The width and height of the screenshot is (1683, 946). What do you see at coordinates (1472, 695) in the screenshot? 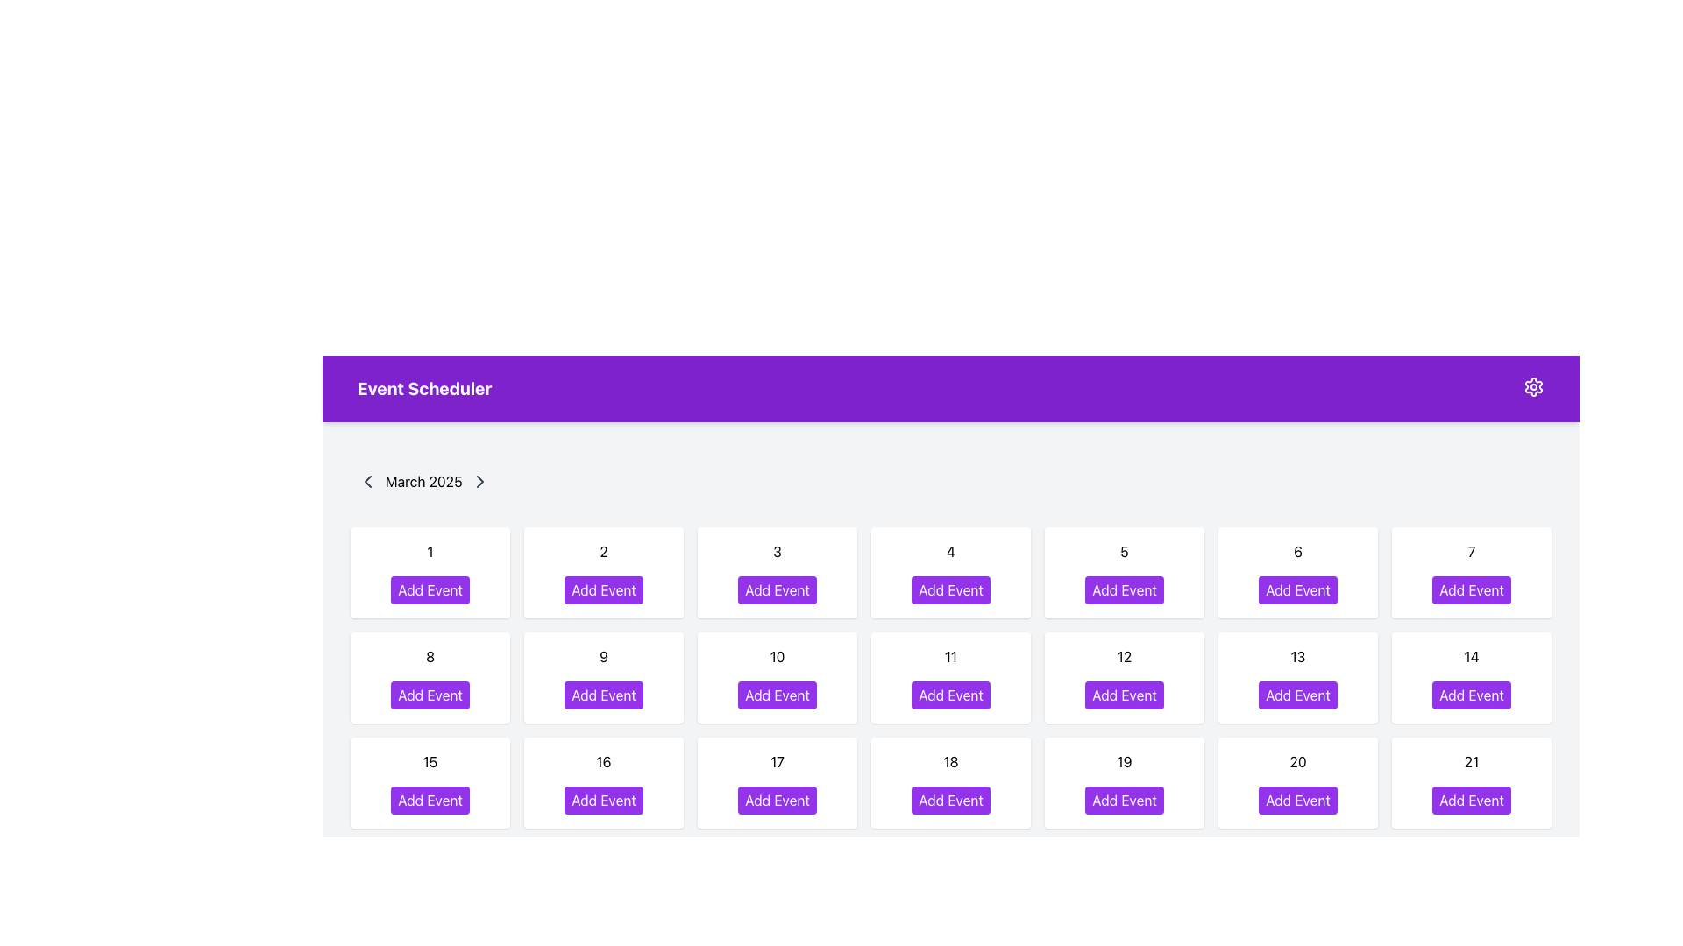
I see `the 'Add Event' button with a purple background and white text, positioned under the date '14' in the calendar interface` at bounding box center [1472, 695].